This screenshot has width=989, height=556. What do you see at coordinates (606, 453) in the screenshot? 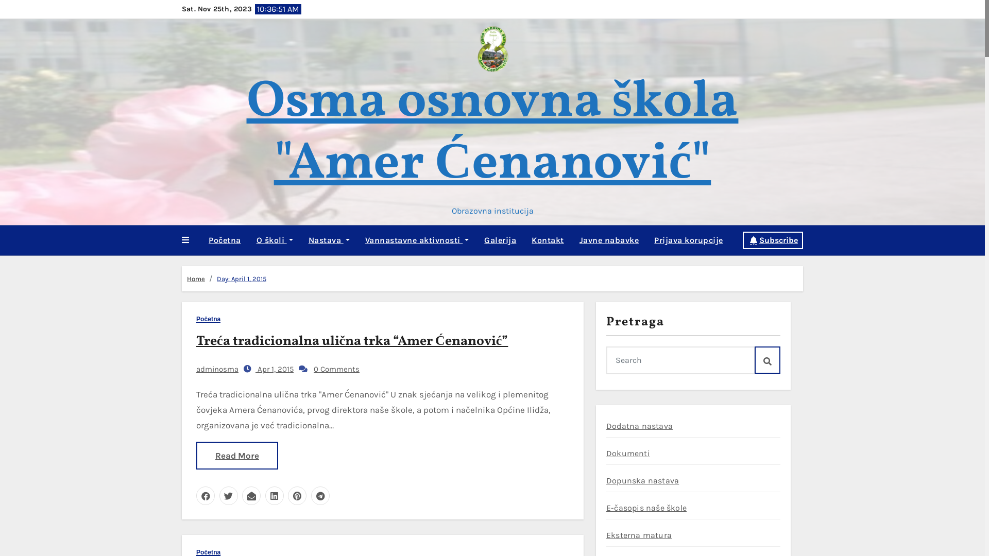
I see `'Dokumenti'` at bounding box center [606, 453].